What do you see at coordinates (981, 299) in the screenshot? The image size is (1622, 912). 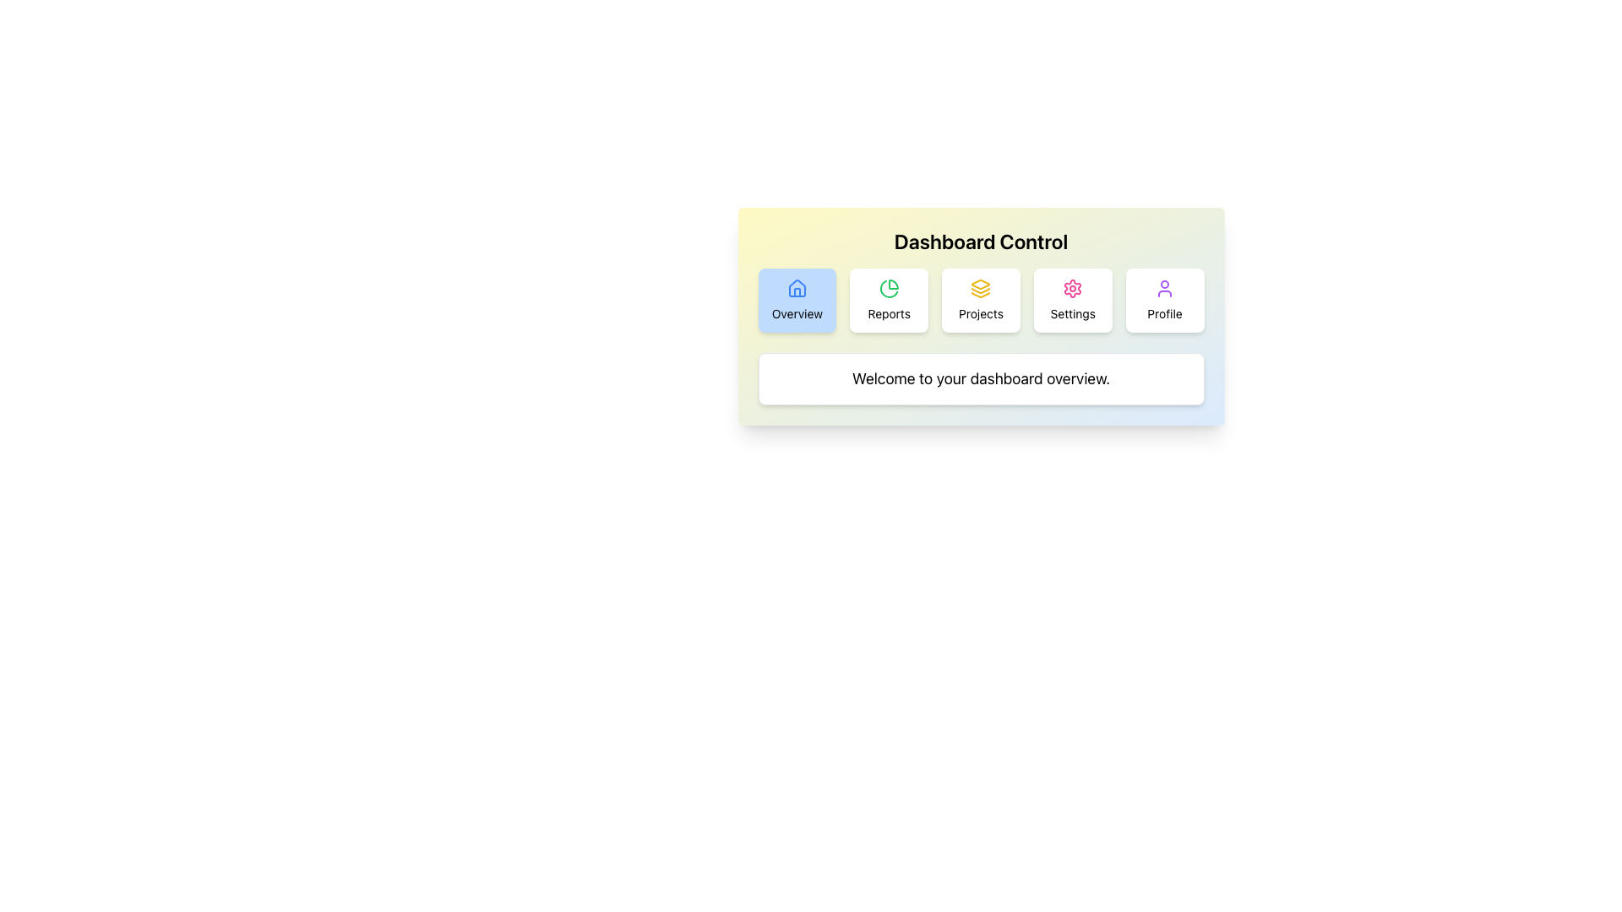 I see `the third Navigation Button labeled 'Projects' in the grid layout` at bounding box center [981, 299].